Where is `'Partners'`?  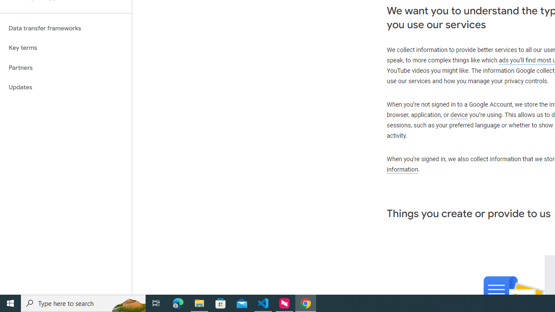
'Partners' is located at coordinates (65, 67).